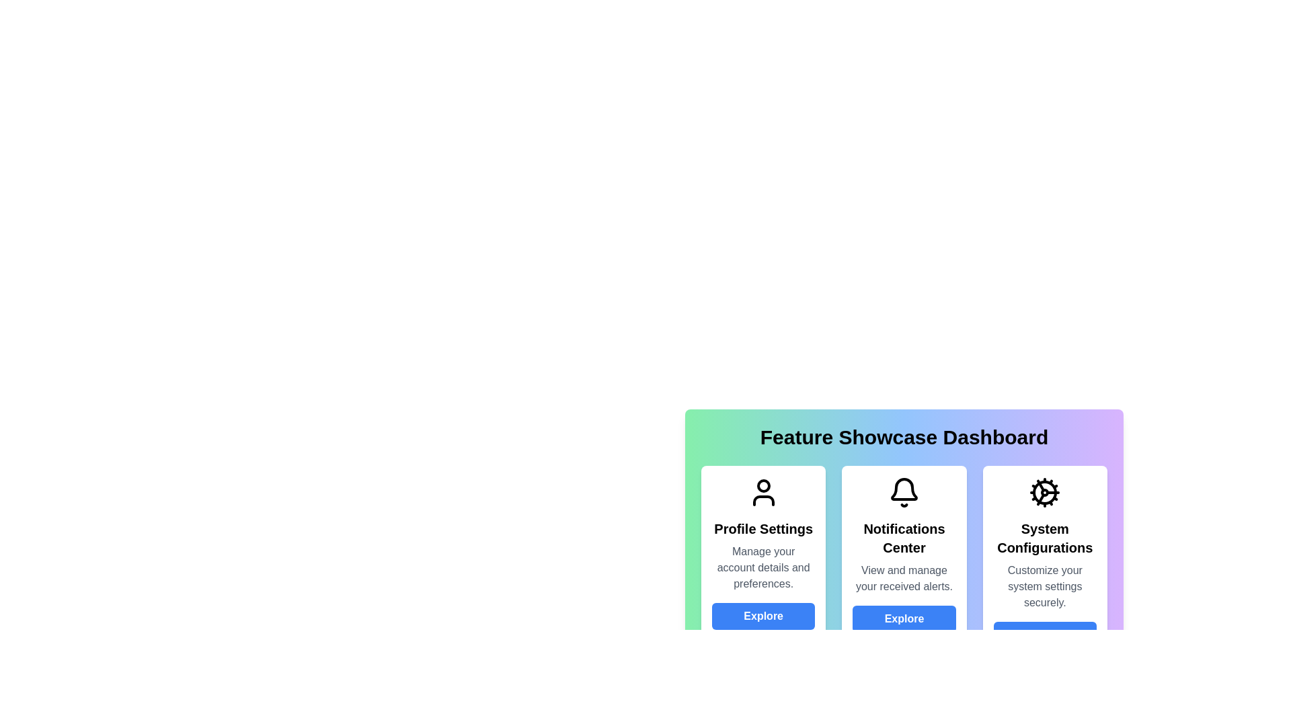 Image resolution: width=1291 pixels, height=726 pixels. I want to click on the descriptive text label summarizing the functionality of the 'Notifications Center' section, which is located beneath the title 'Notifications Center' and above the 'Explore' button, so click(904, 577).